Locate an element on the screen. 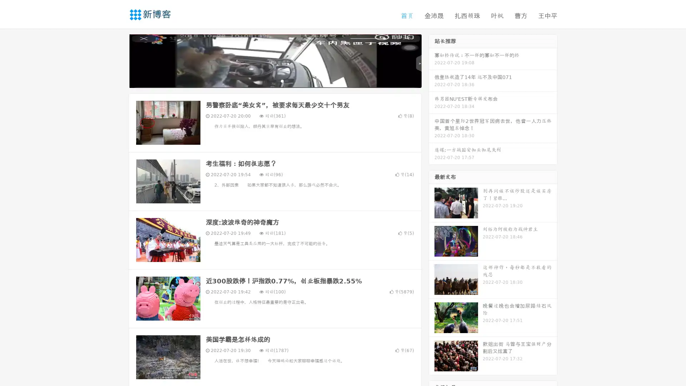 This screenshot has height=386, width=686. Go to slide 1 is located at coordinates (267, 80).